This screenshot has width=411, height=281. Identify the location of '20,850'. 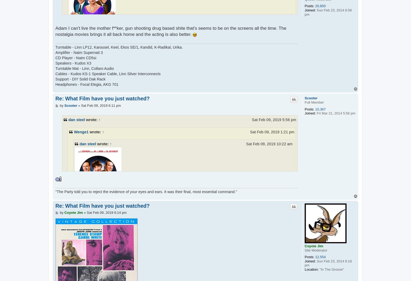
(320, 6).